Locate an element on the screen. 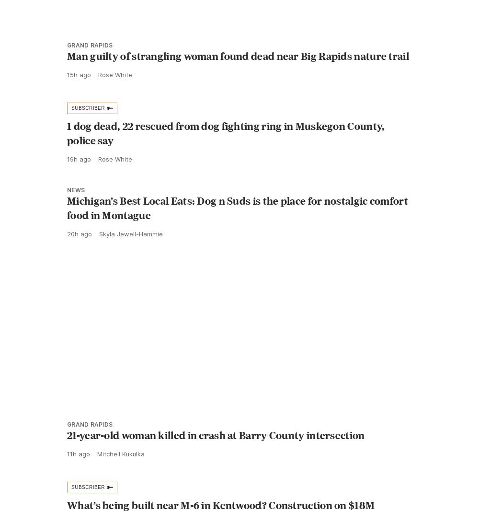 This screenshot has height=511, width=479. '1 dog dead, 22 rescued from dog fighting ring in Muskegon County, police say' is located at coordinates (225, 154).